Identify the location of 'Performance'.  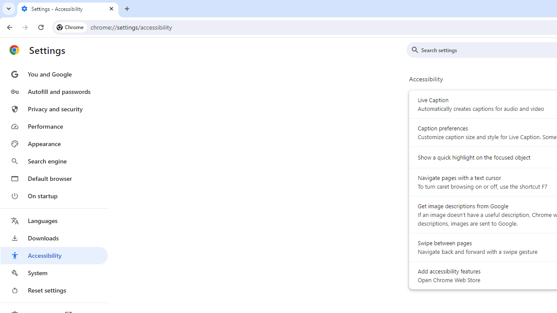
(54, 126).